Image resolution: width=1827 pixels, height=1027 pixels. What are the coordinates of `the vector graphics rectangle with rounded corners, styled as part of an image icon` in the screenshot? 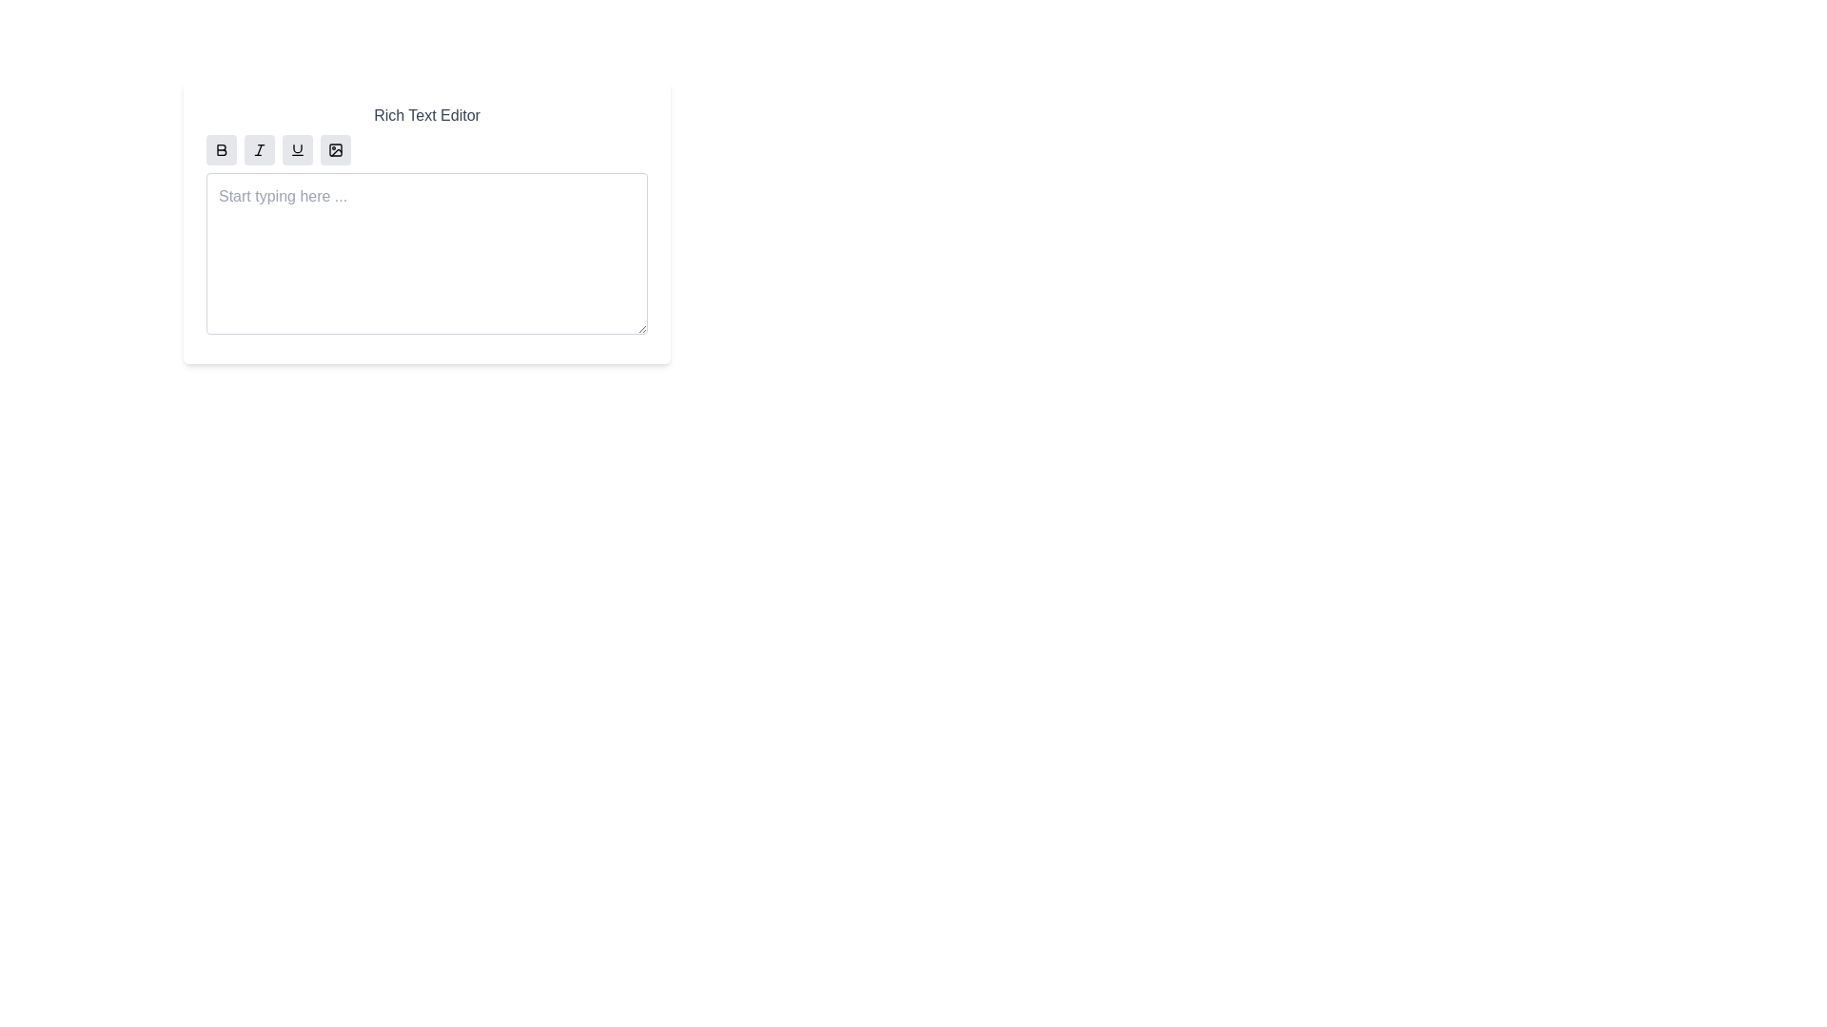 It's located at (336, 149).